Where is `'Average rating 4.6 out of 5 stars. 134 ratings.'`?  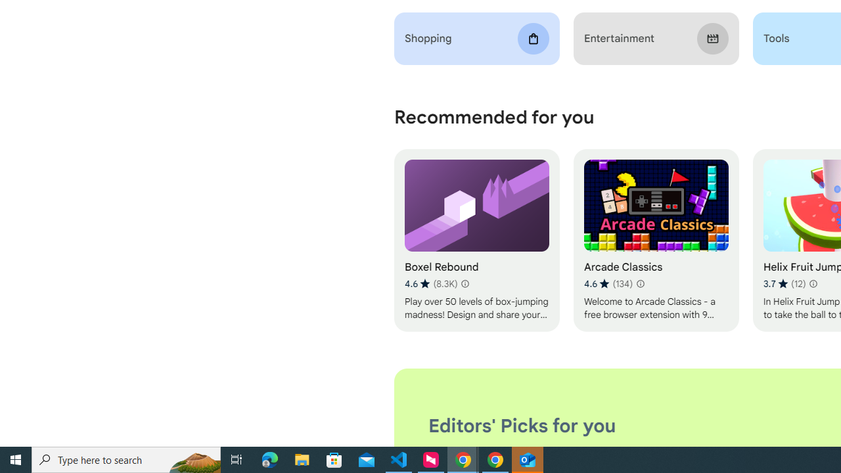
'Average rating 4.6 out of 5 stars. 134 ratings.' is located at coordinates (607, 283).